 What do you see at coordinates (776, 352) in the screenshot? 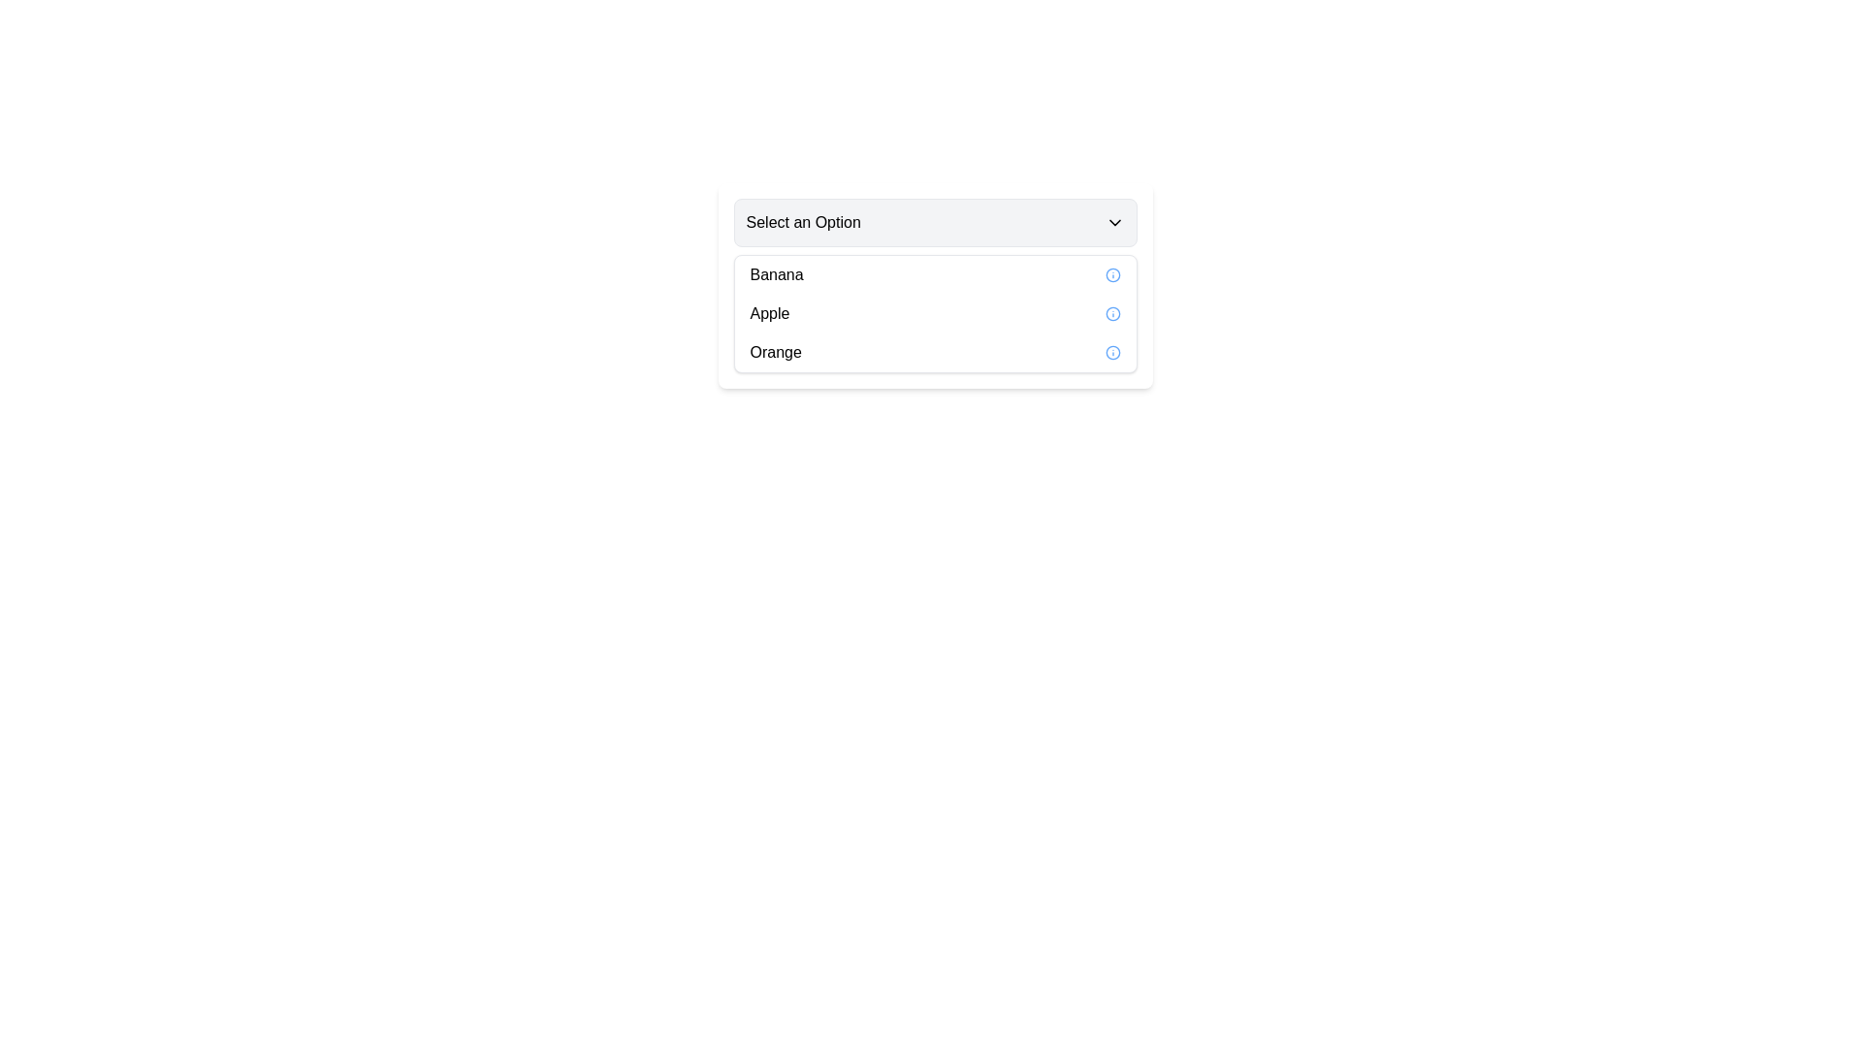
I see `the text label 'Orange' in the dropdown menu` at bounding box center [776, 352].